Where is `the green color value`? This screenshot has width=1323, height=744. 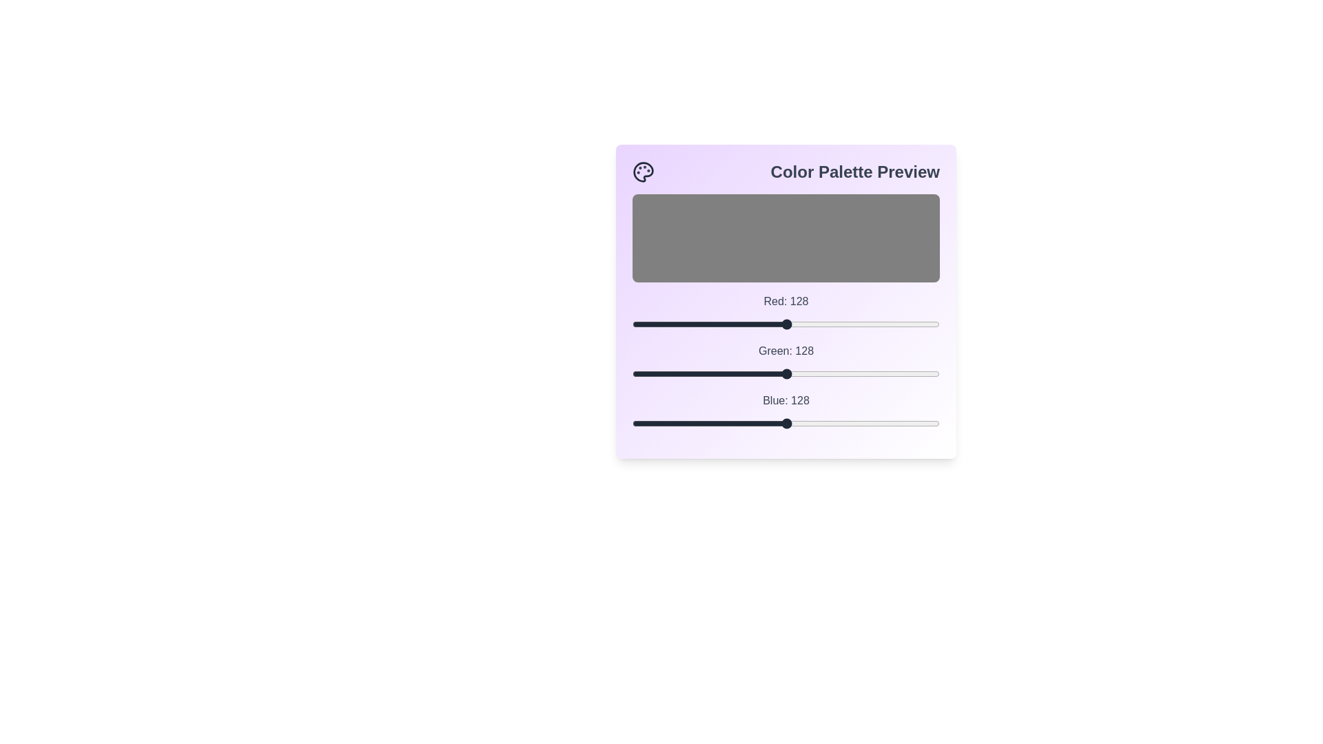
the green color value is located at coordinates (741, 374).